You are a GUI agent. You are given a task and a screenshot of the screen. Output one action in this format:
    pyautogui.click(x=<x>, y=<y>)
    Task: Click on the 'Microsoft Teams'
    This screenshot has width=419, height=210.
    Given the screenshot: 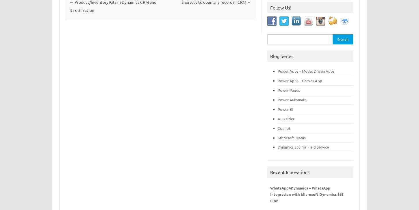 What is the action you would take?
    pyautogui.click(x=277, y=137)
    